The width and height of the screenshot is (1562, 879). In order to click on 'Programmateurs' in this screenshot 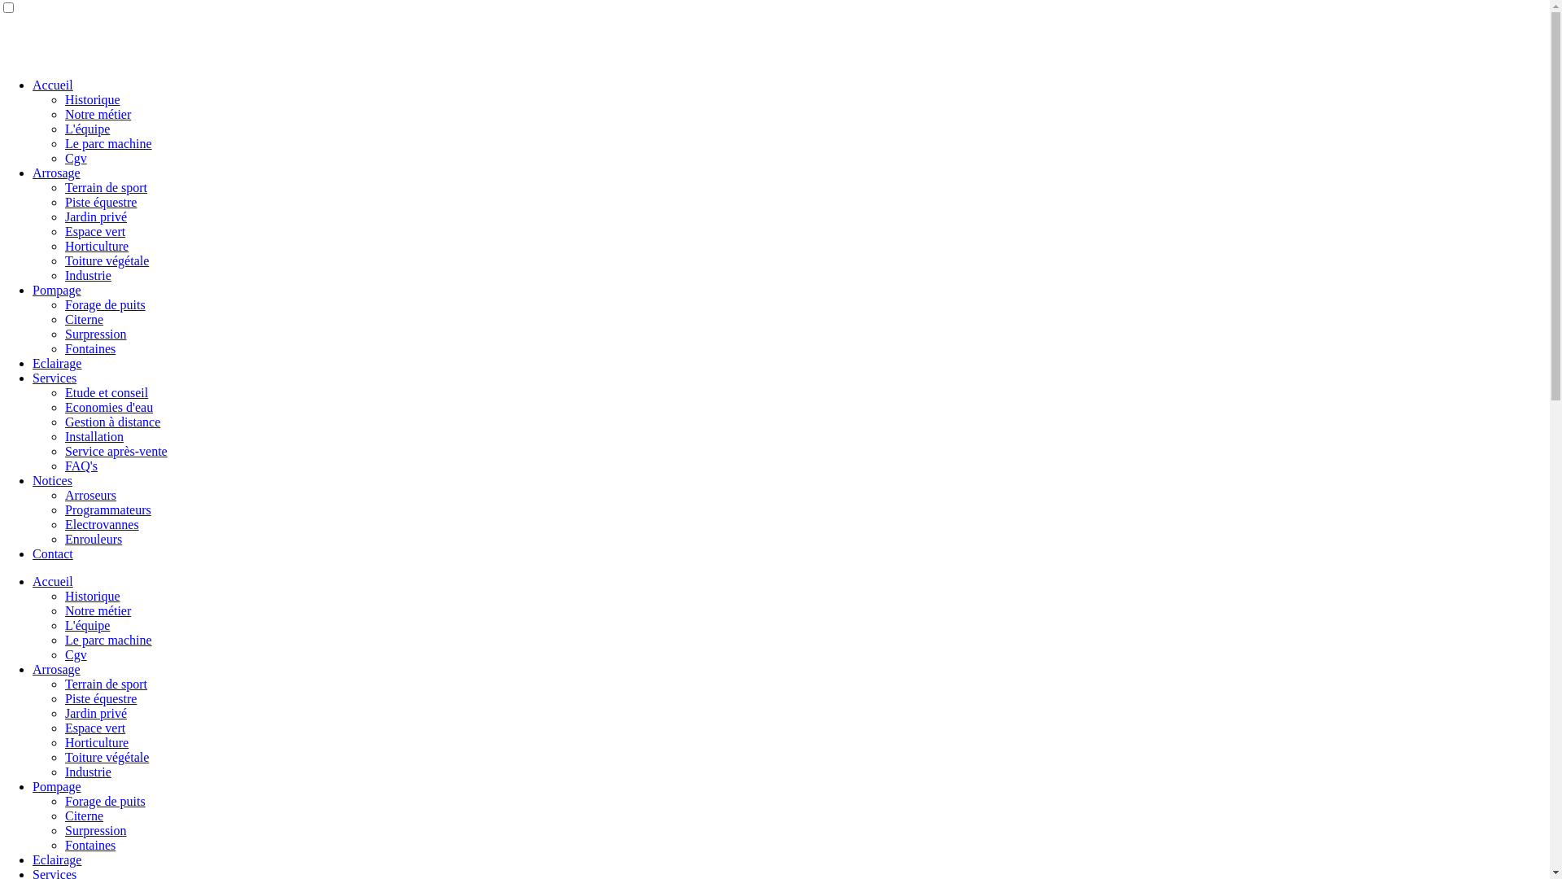, I will do `click(65, 509)`.